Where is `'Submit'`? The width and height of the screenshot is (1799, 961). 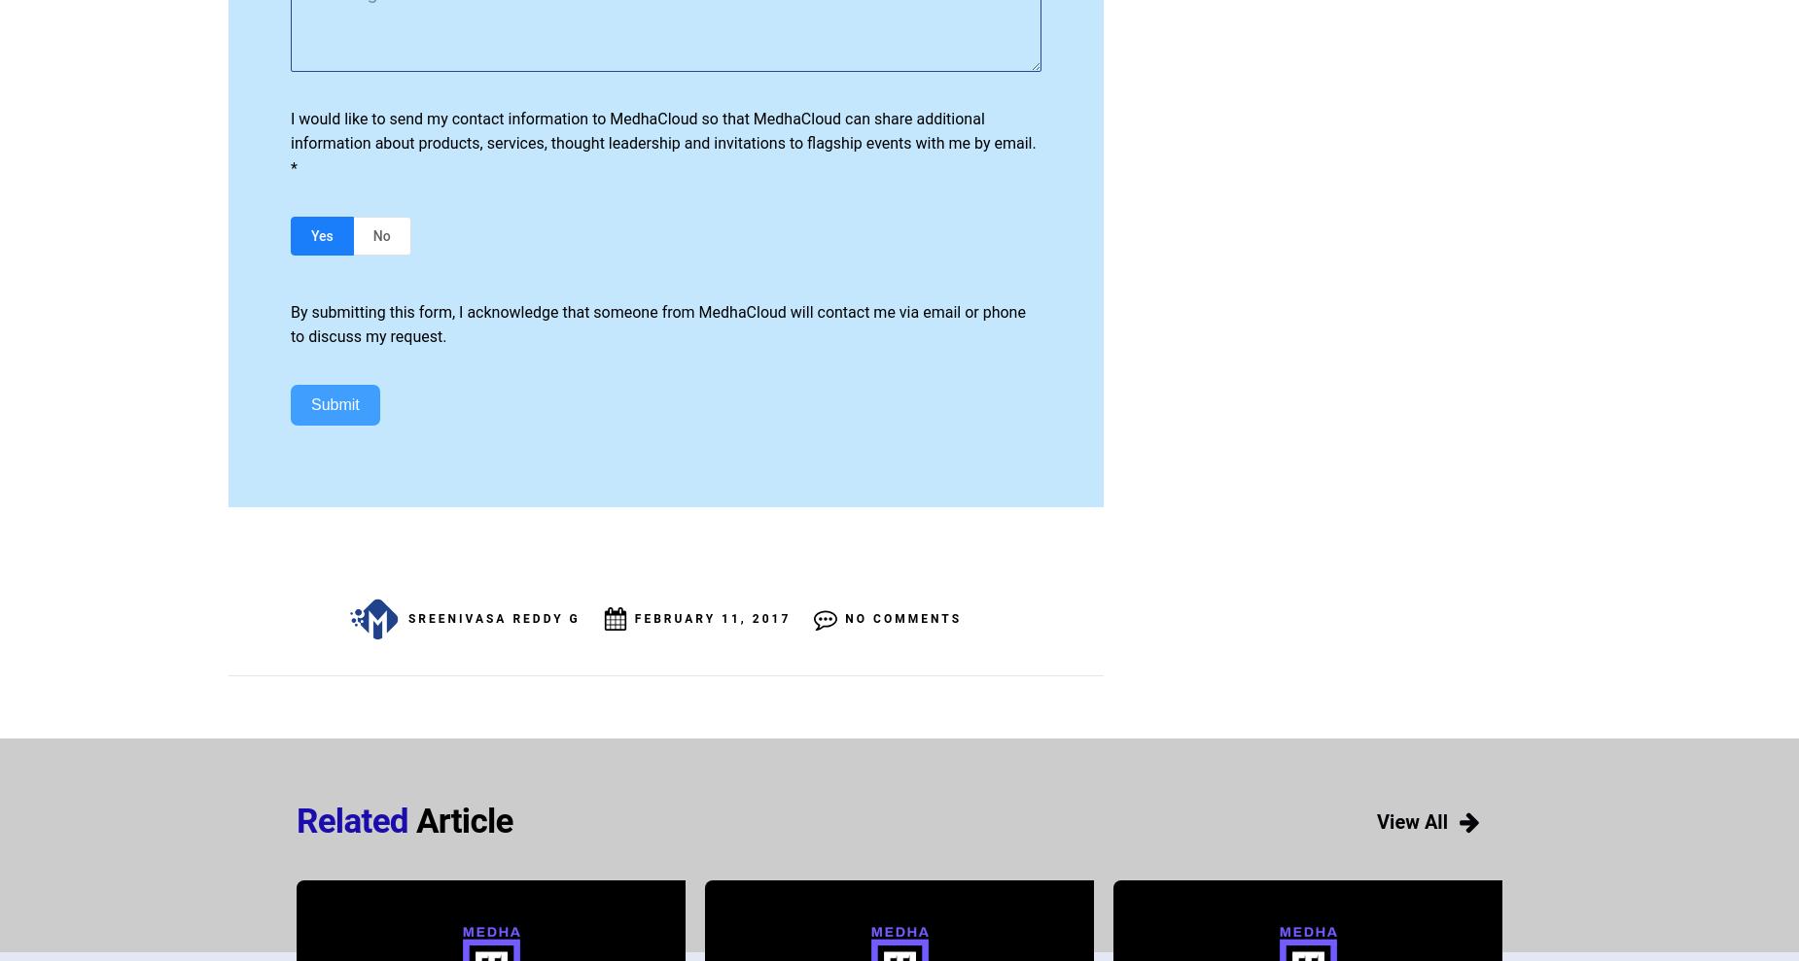 'Submit' is located at coordinates (310, 403).